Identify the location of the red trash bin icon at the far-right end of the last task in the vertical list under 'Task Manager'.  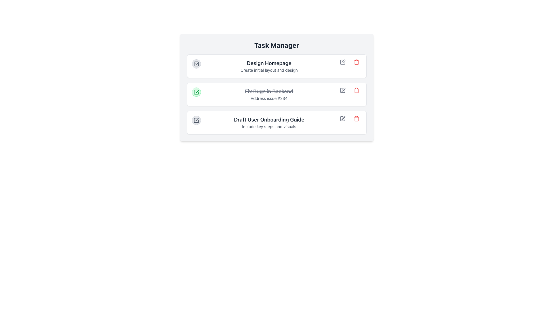
(356, 118).